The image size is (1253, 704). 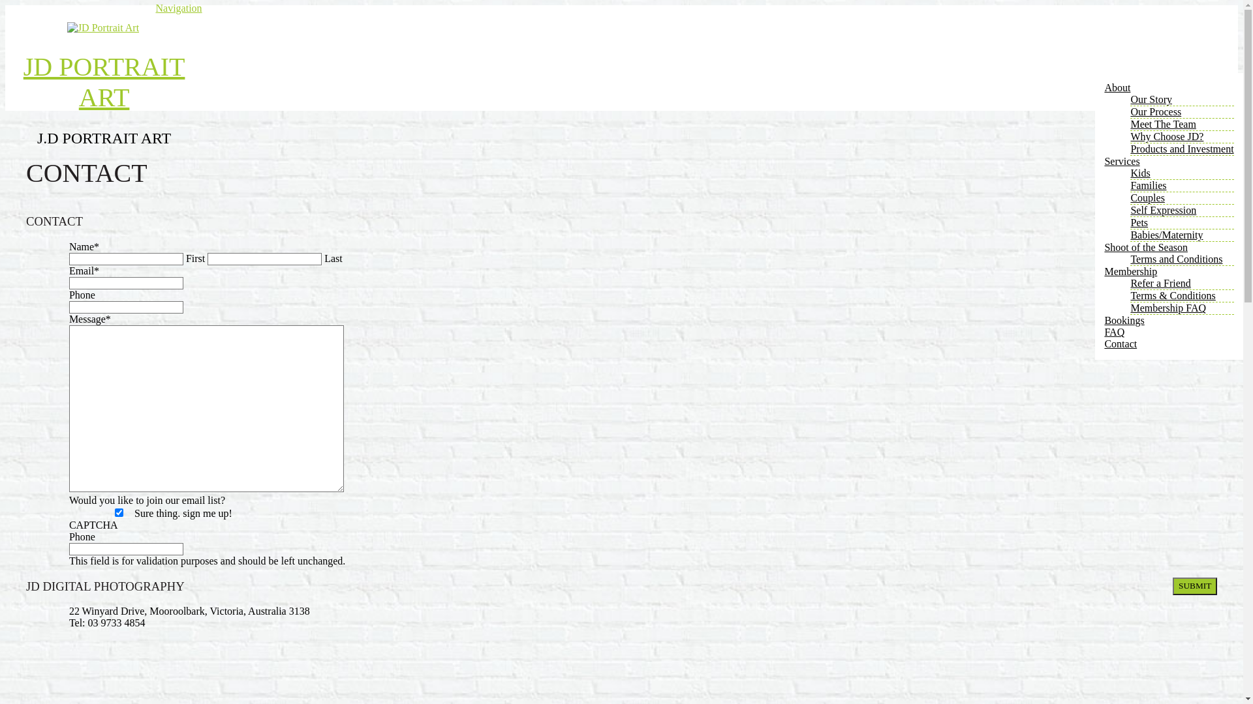 What do you see at coordinates (1151, 98) in the screenshot?
I see `'Our Story'` at bounding box center [1151, 98].